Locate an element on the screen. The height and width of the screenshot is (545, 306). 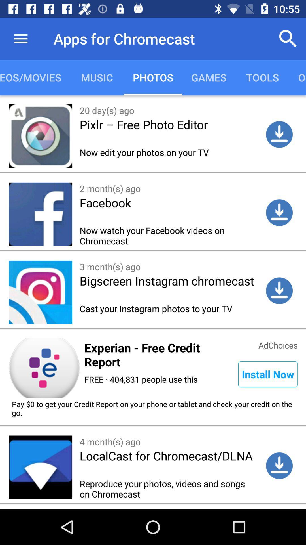
the icon next to the experian free credit icon is located at coordinates (268, 374).